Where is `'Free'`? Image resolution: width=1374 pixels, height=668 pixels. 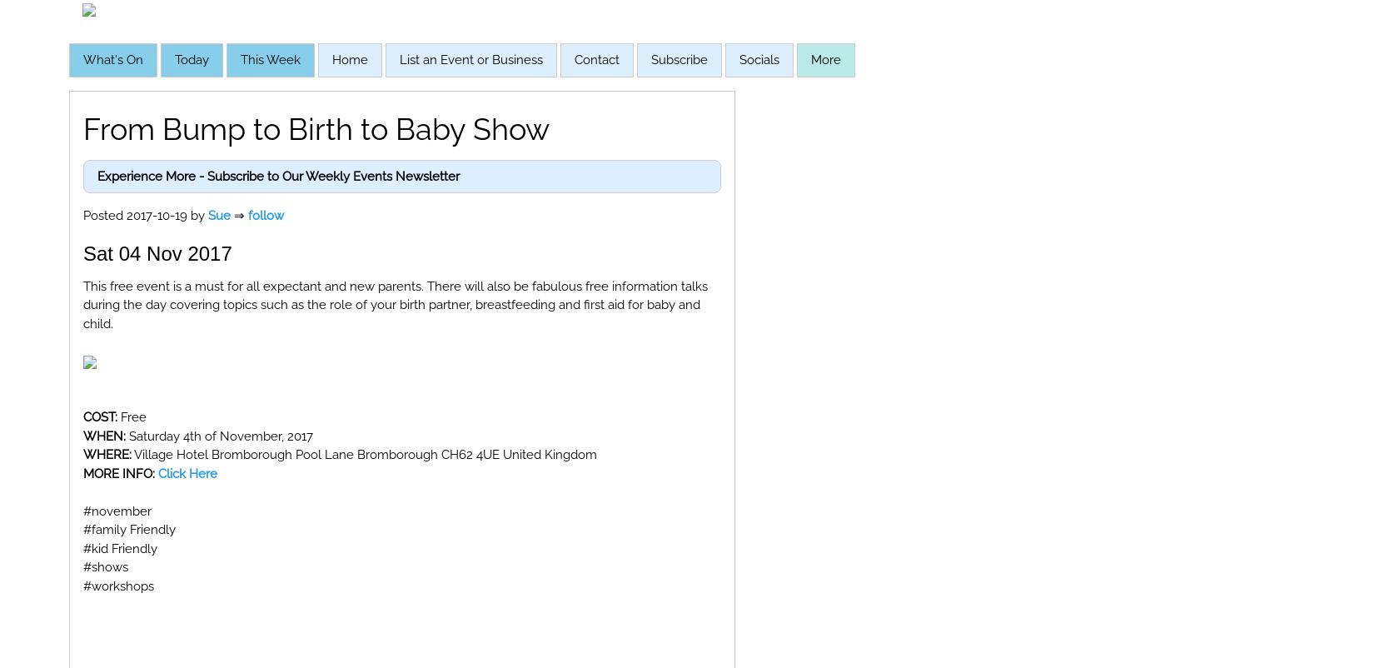 'Free' is located at coordinates (132, 417).